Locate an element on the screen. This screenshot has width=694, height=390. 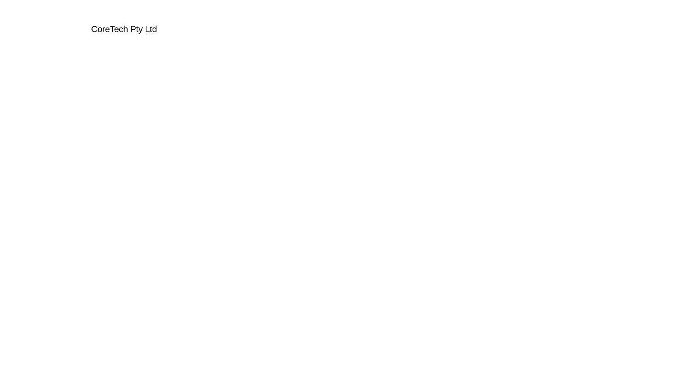
'CoreTech Pty Ltd' is located at coordinates (124, 29).